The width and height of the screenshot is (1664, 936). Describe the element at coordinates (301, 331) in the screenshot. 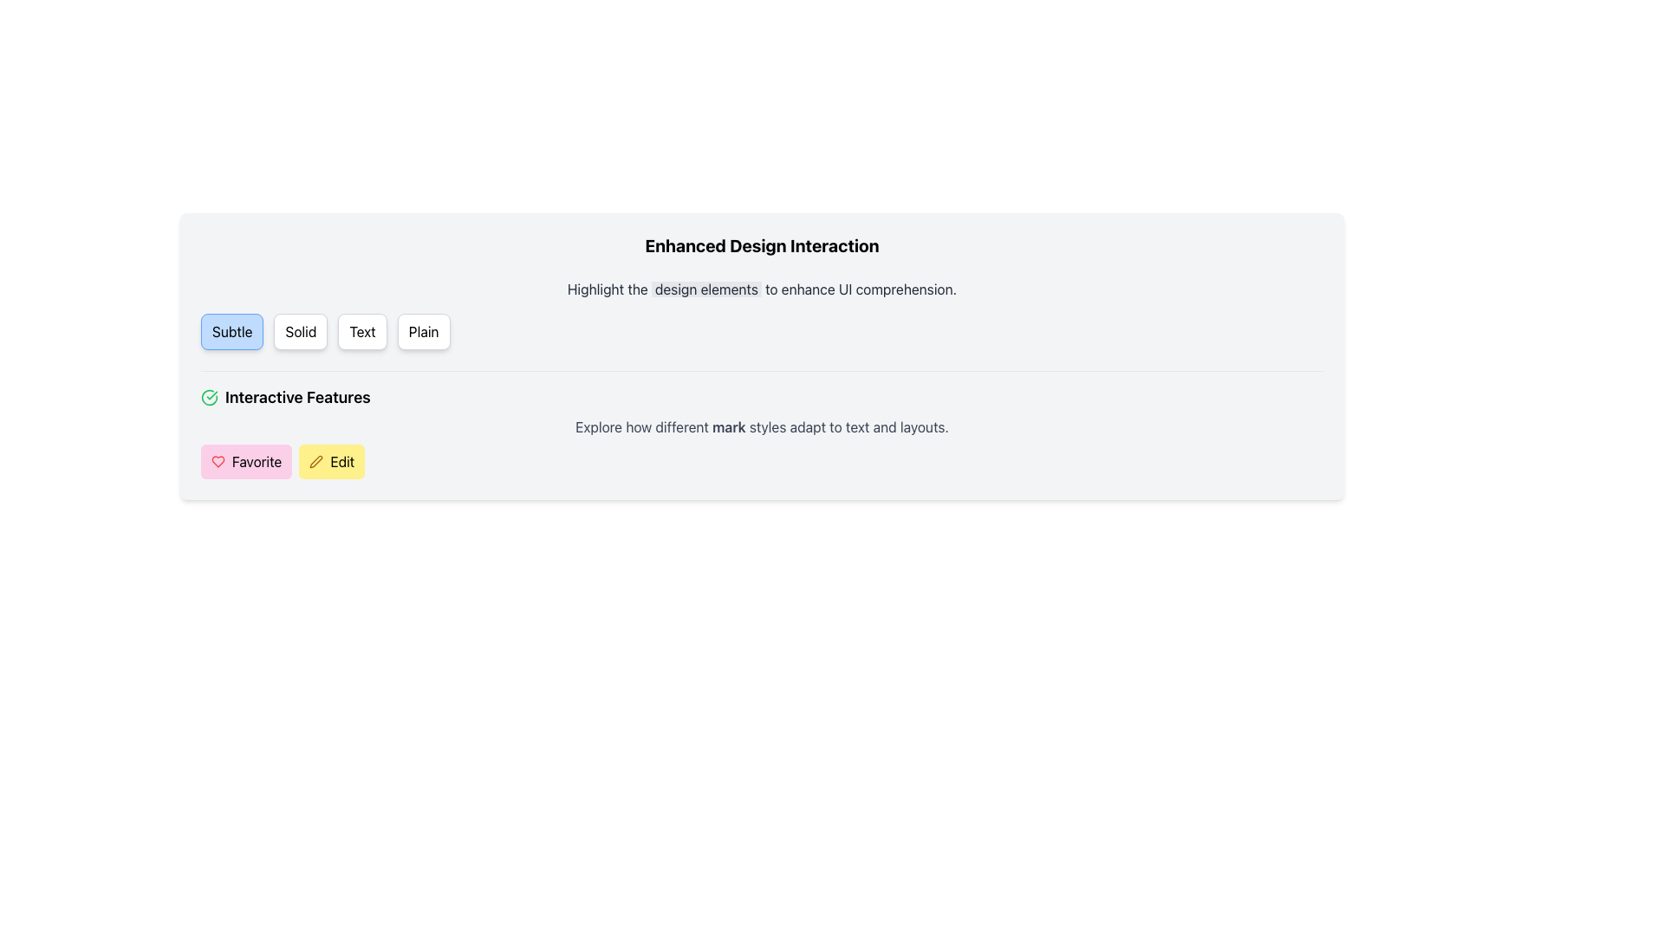

I see `the medium-sized button with rounded corners and the text 'Solid' in bold black font` at that location.